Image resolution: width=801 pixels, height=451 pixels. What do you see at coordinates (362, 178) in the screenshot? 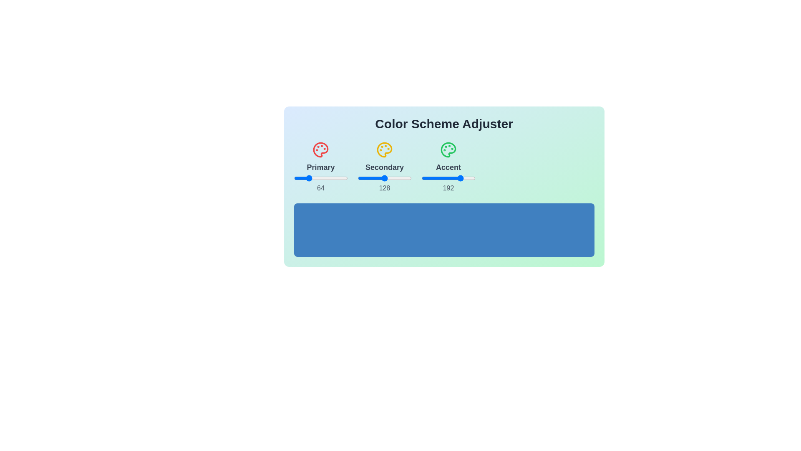
I see `the secondary slider to set its value to 20` at bounding box center [362, 178].